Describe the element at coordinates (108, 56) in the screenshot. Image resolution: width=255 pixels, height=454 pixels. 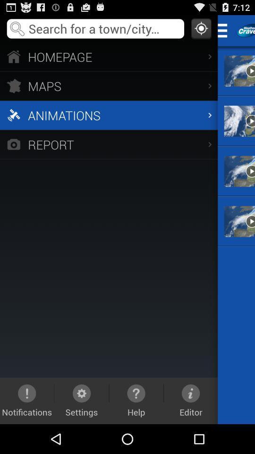
I see `the icon above maps icon` at that location.